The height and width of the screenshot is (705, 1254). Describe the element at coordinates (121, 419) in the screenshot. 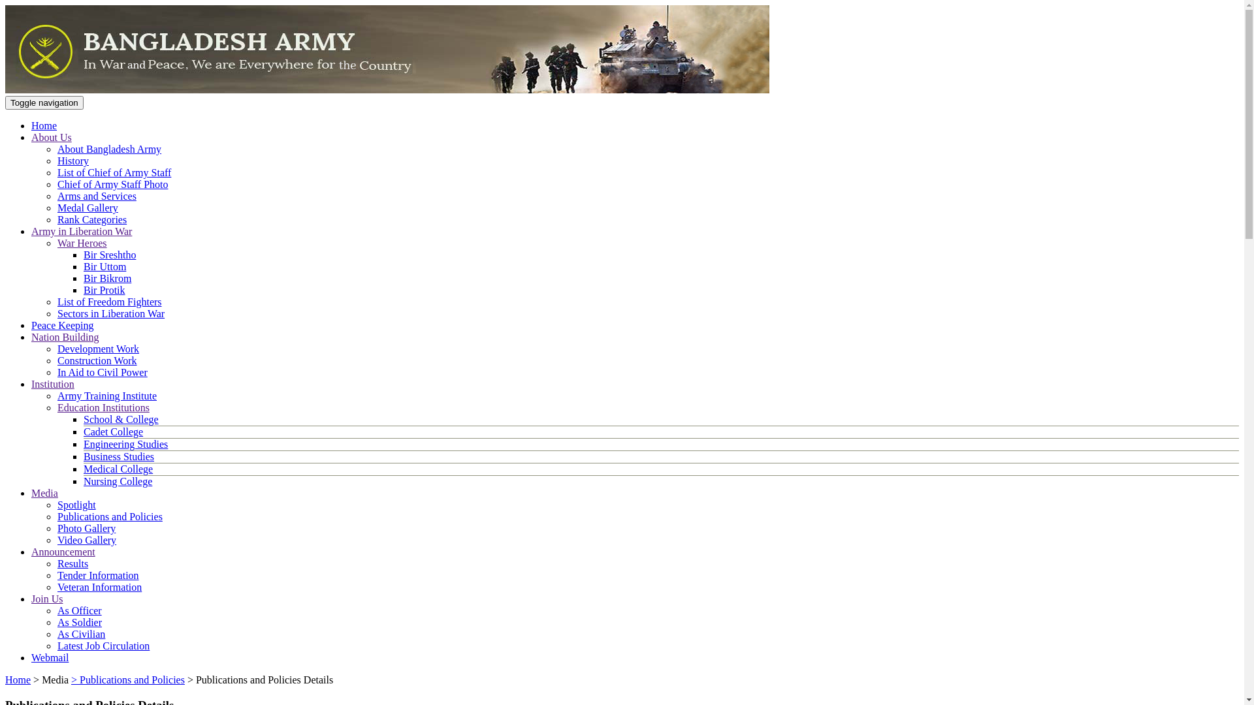

I see `'School & College'` at that location.